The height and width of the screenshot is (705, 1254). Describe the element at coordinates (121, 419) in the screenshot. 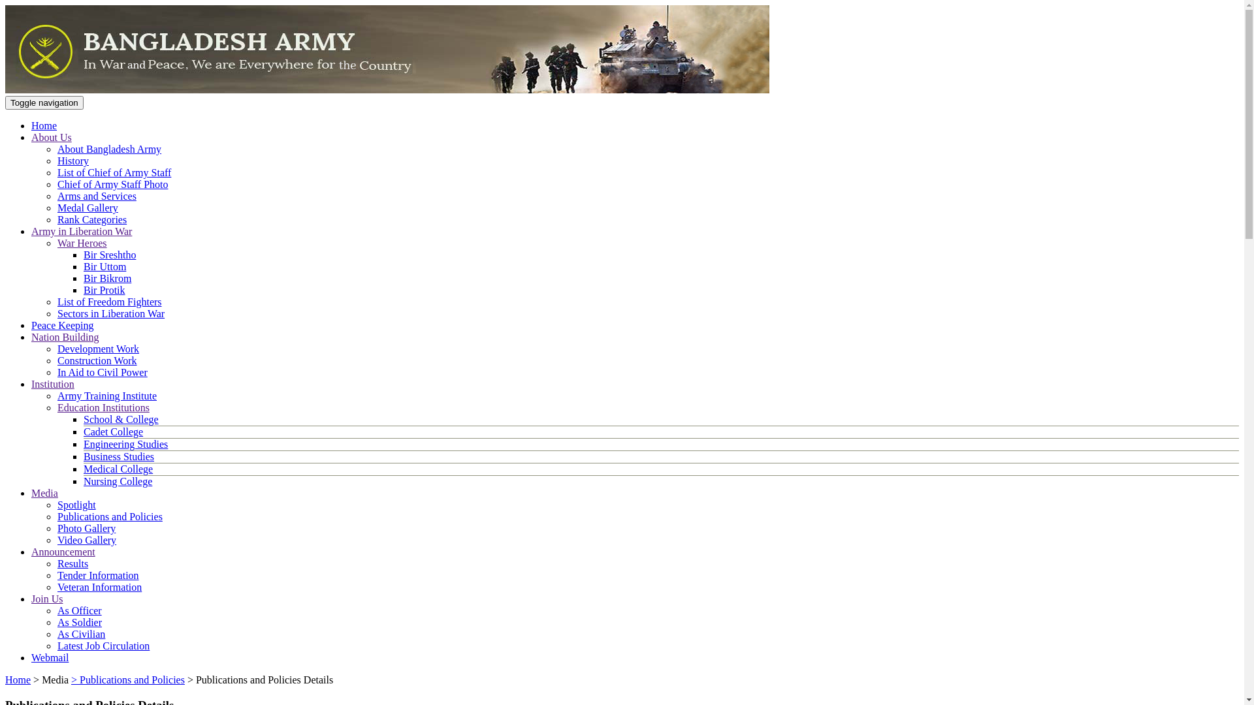

I see `'School & College'` at that location.